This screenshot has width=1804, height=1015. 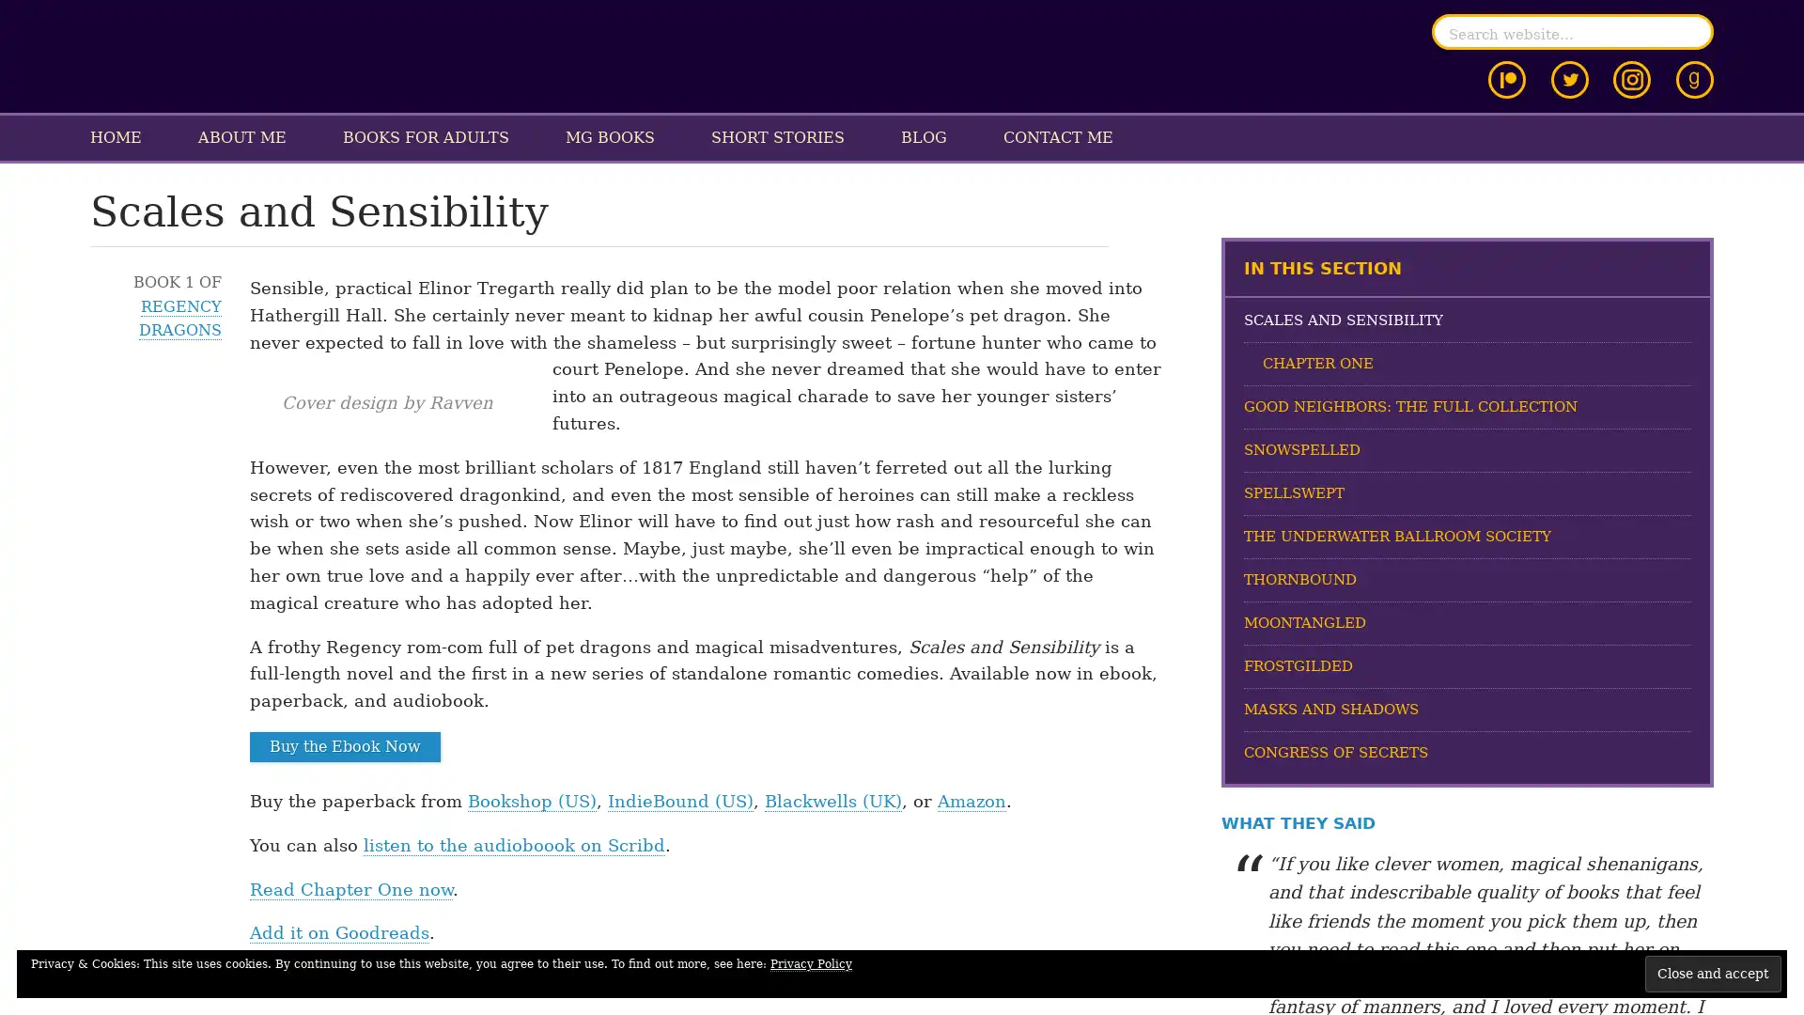 I want to click on Close and accept, so click(x=1713, y=973).